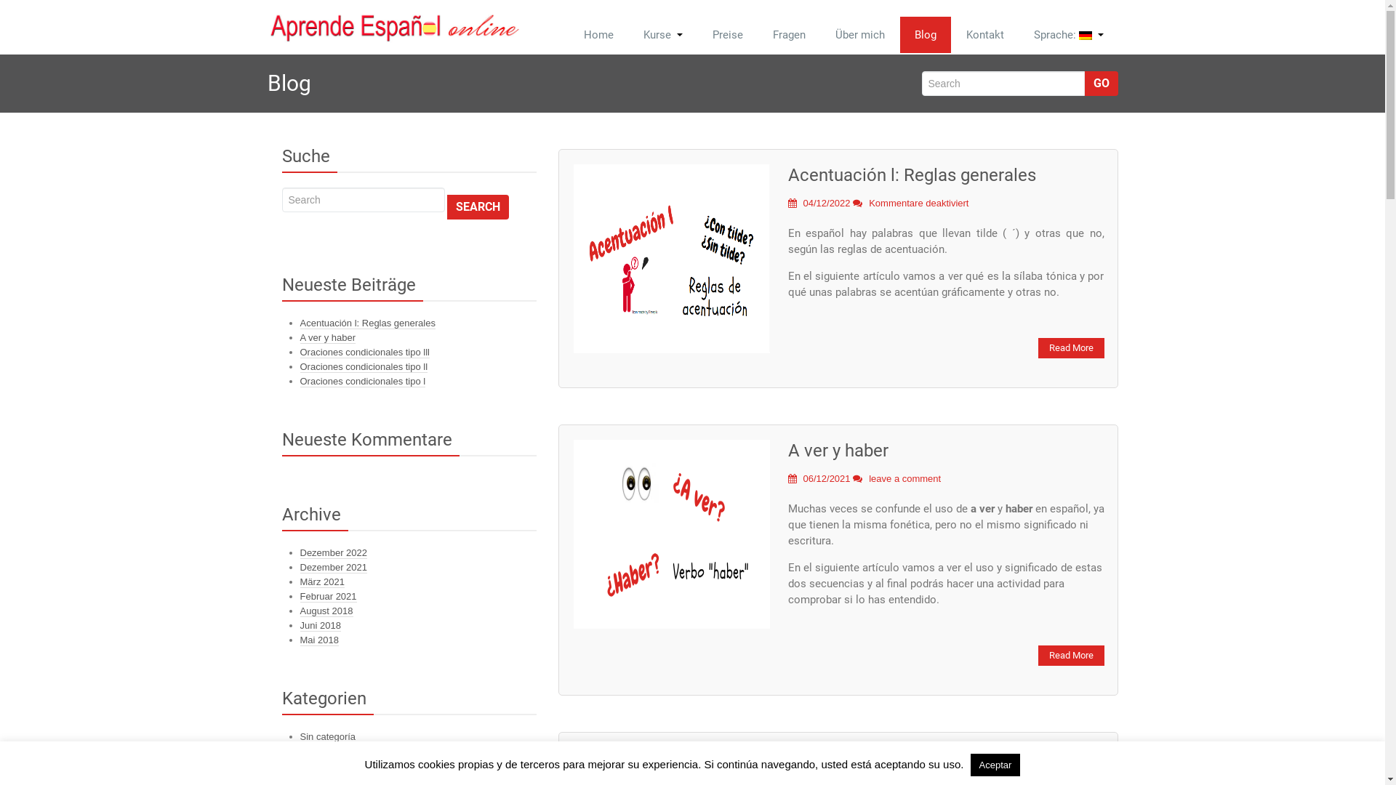 The image size is (1396, 785). What do you see at coordinates (299, 366) in the screenshot?
I see `'Oraciones condicionales tipo ll'` at bounding box center [299, 366].